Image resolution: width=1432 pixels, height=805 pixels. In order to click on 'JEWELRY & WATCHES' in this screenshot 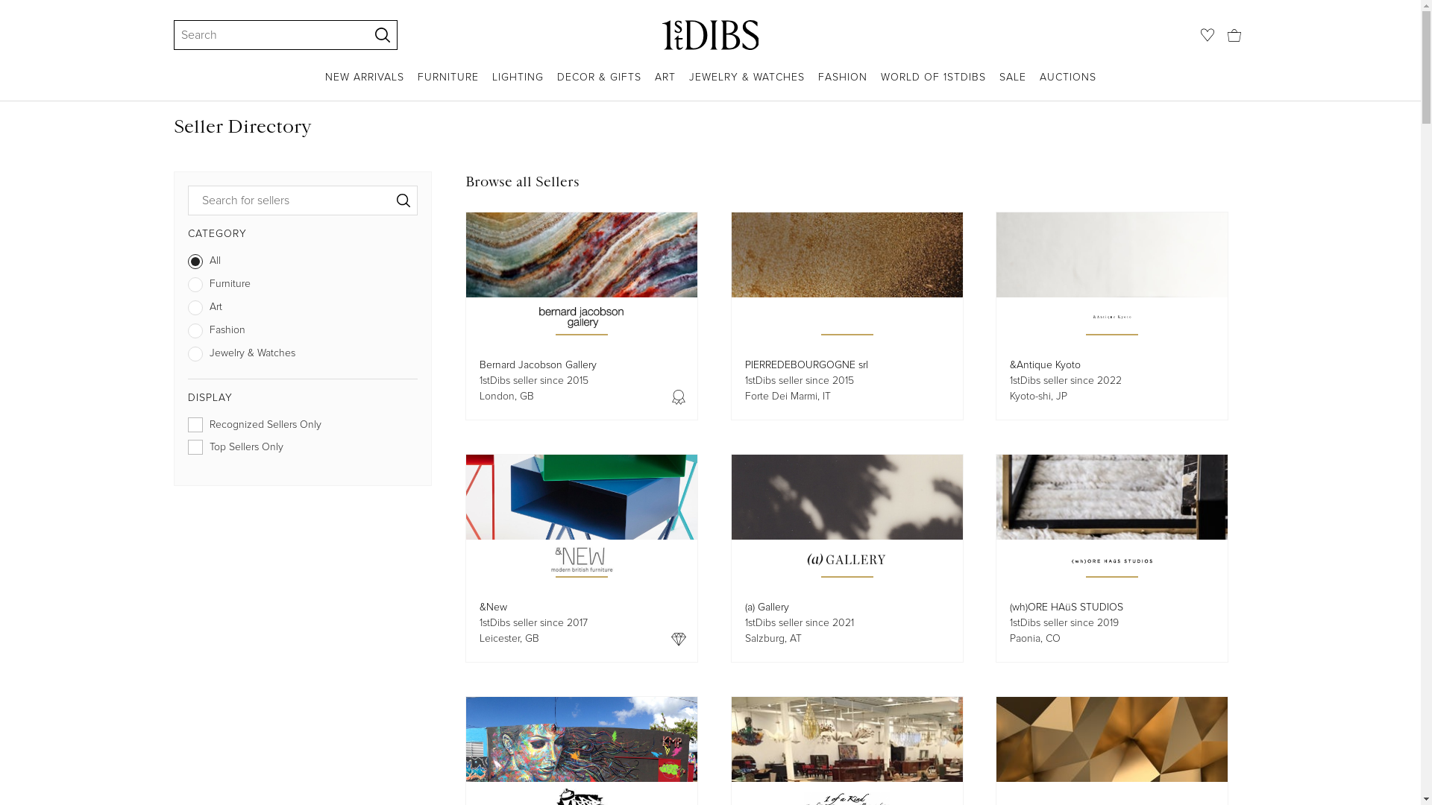, I will do `click(747, 85)`.